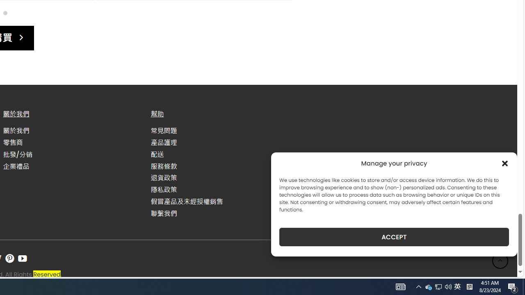 Image resolution: width=525 pixels, height=295 pixels. I want to click on 'ACCEPT', so click(394, 237).